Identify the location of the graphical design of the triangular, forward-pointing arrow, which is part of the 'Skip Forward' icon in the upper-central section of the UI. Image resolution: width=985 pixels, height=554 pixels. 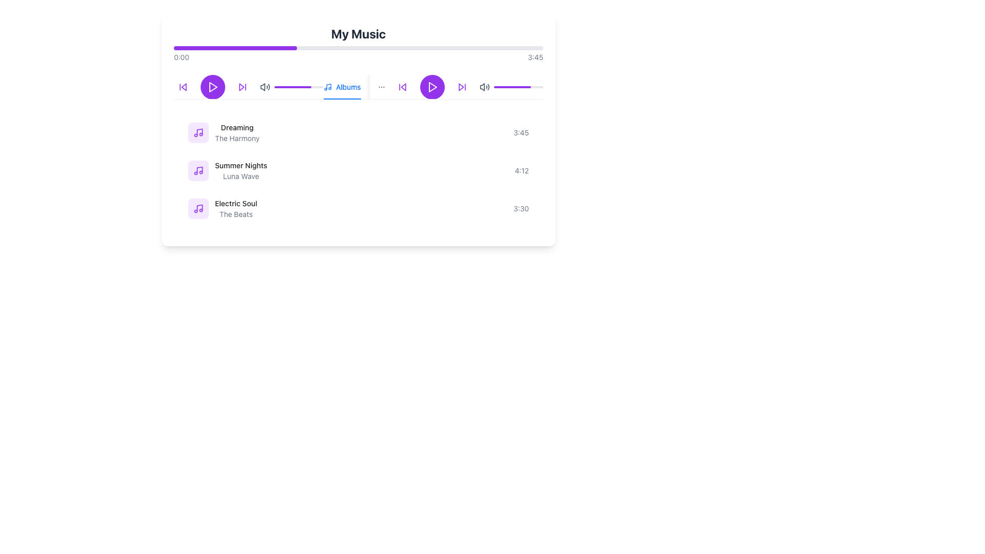
(241, 86).